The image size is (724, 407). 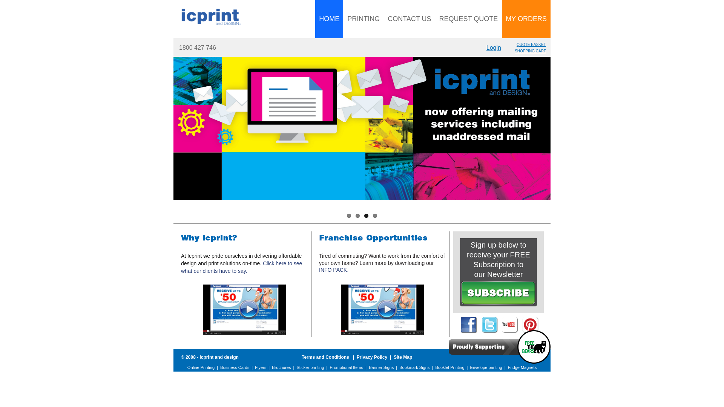 What do you see at coordinates (255, 367) in the screenshot?
I see `'Flyers'` at bounding box center [255, 367].